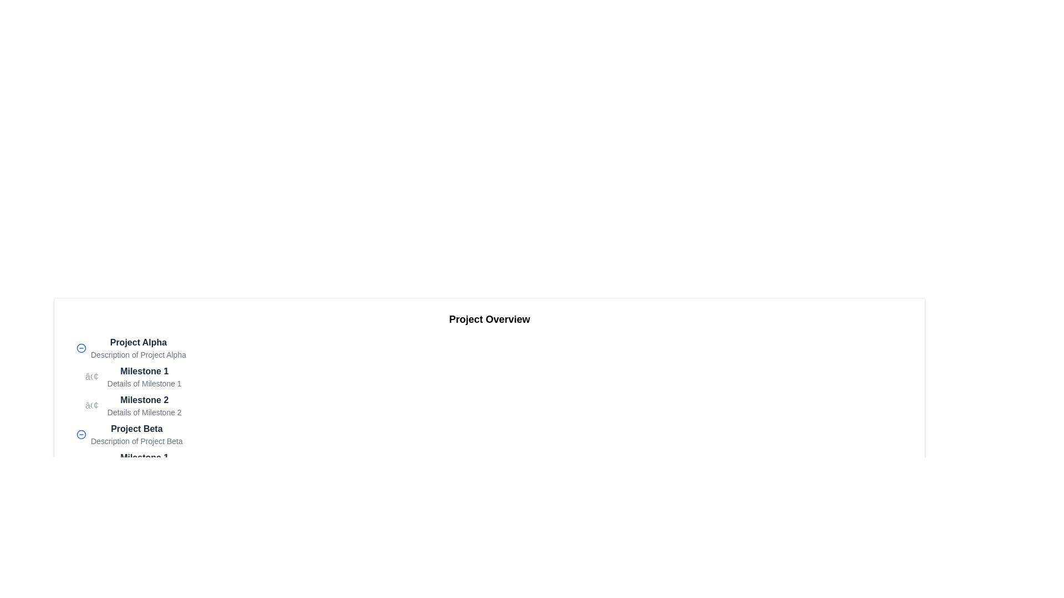  I want to click on text label for the second milestone under 'Project Alpha', which serves as a concise identifier for users to recognize the milestone in the list, so click(144, 400).